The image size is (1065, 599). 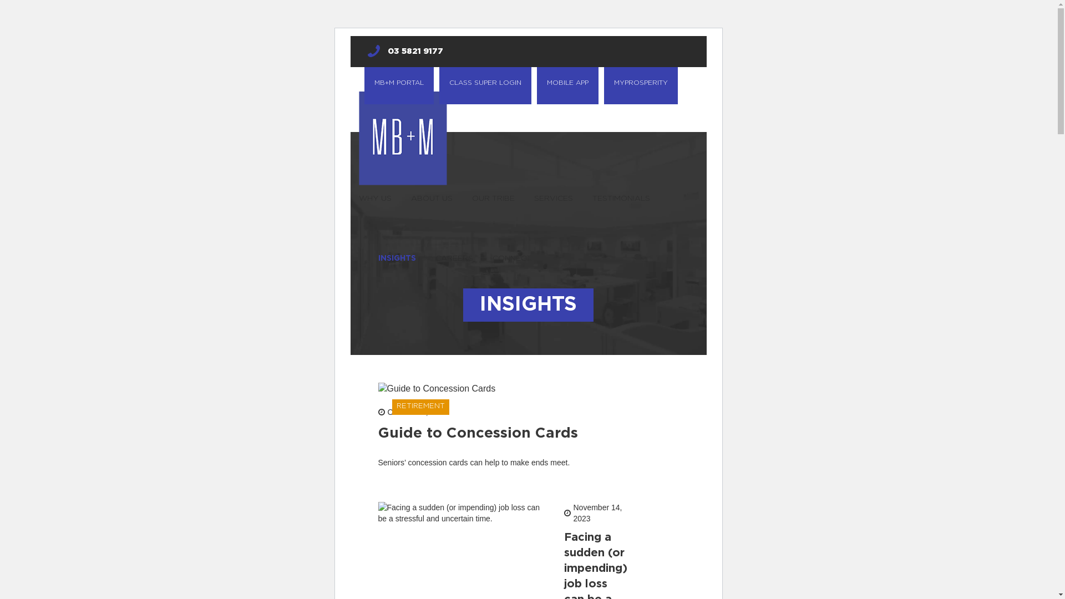 I want to click on 'MOBILE APP', so click(x=567, y=85).